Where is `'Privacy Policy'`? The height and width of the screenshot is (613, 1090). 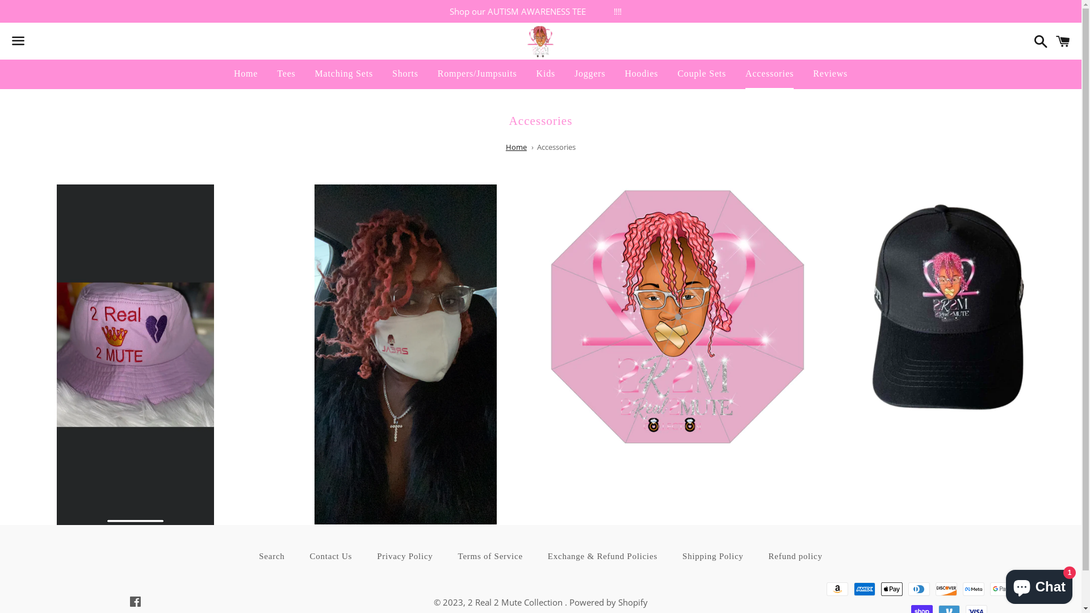 'Privacy Policy' is located at coordinates (365, 556).